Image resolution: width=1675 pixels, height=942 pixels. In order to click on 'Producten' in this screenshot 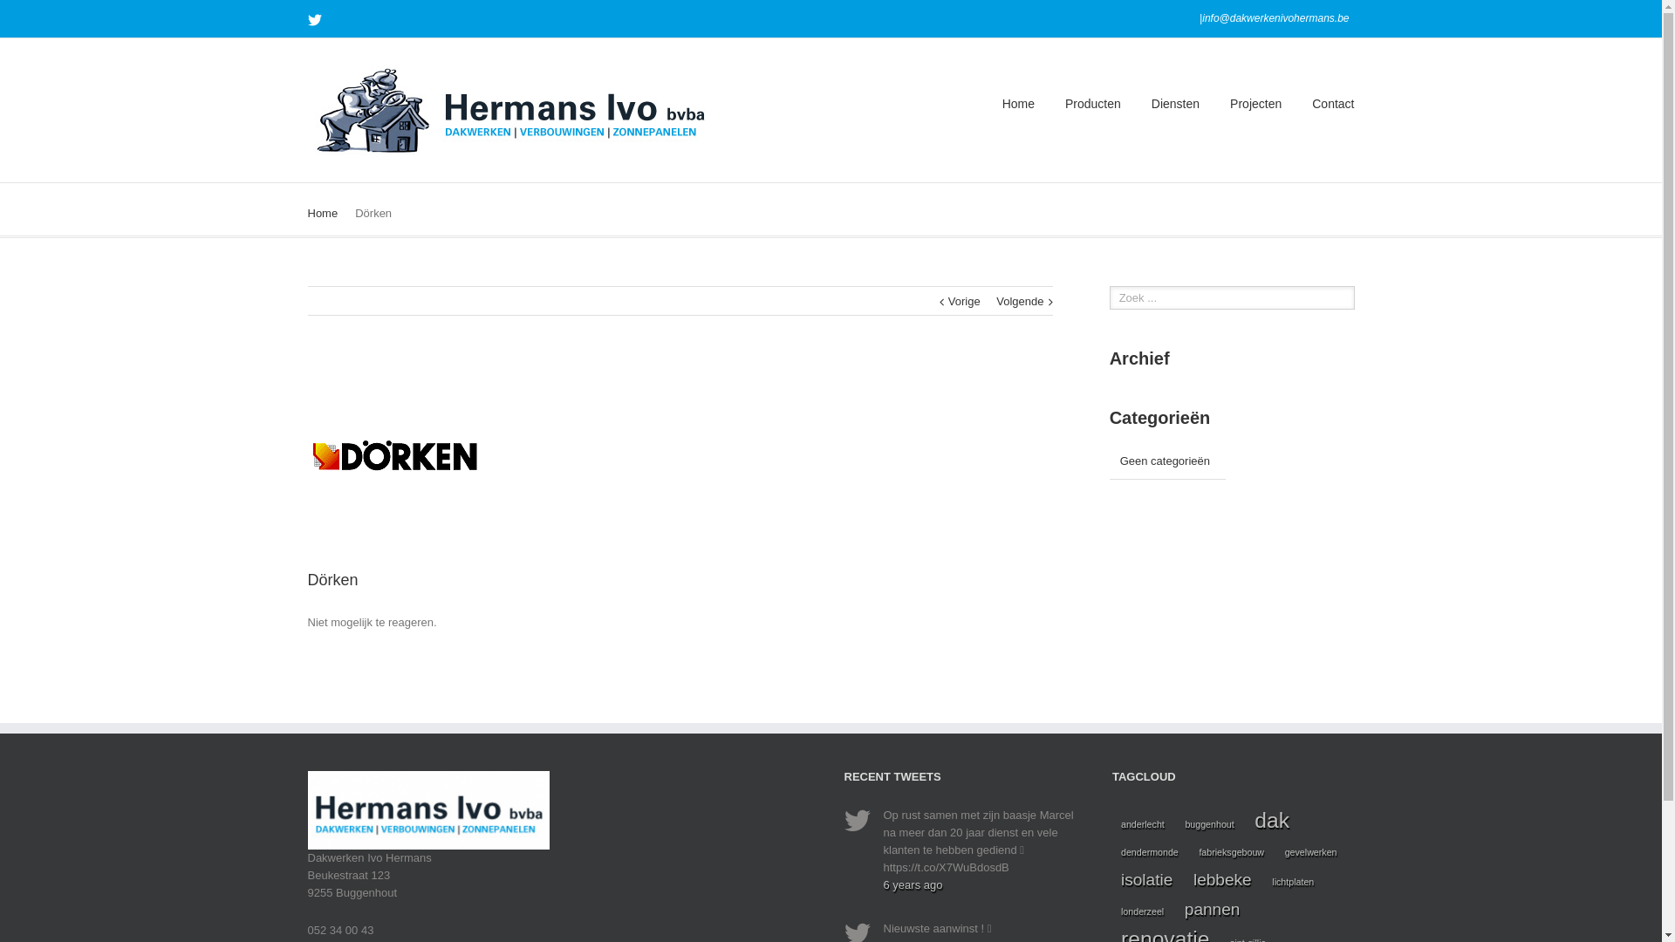, I will do `click(1091, 103)`.